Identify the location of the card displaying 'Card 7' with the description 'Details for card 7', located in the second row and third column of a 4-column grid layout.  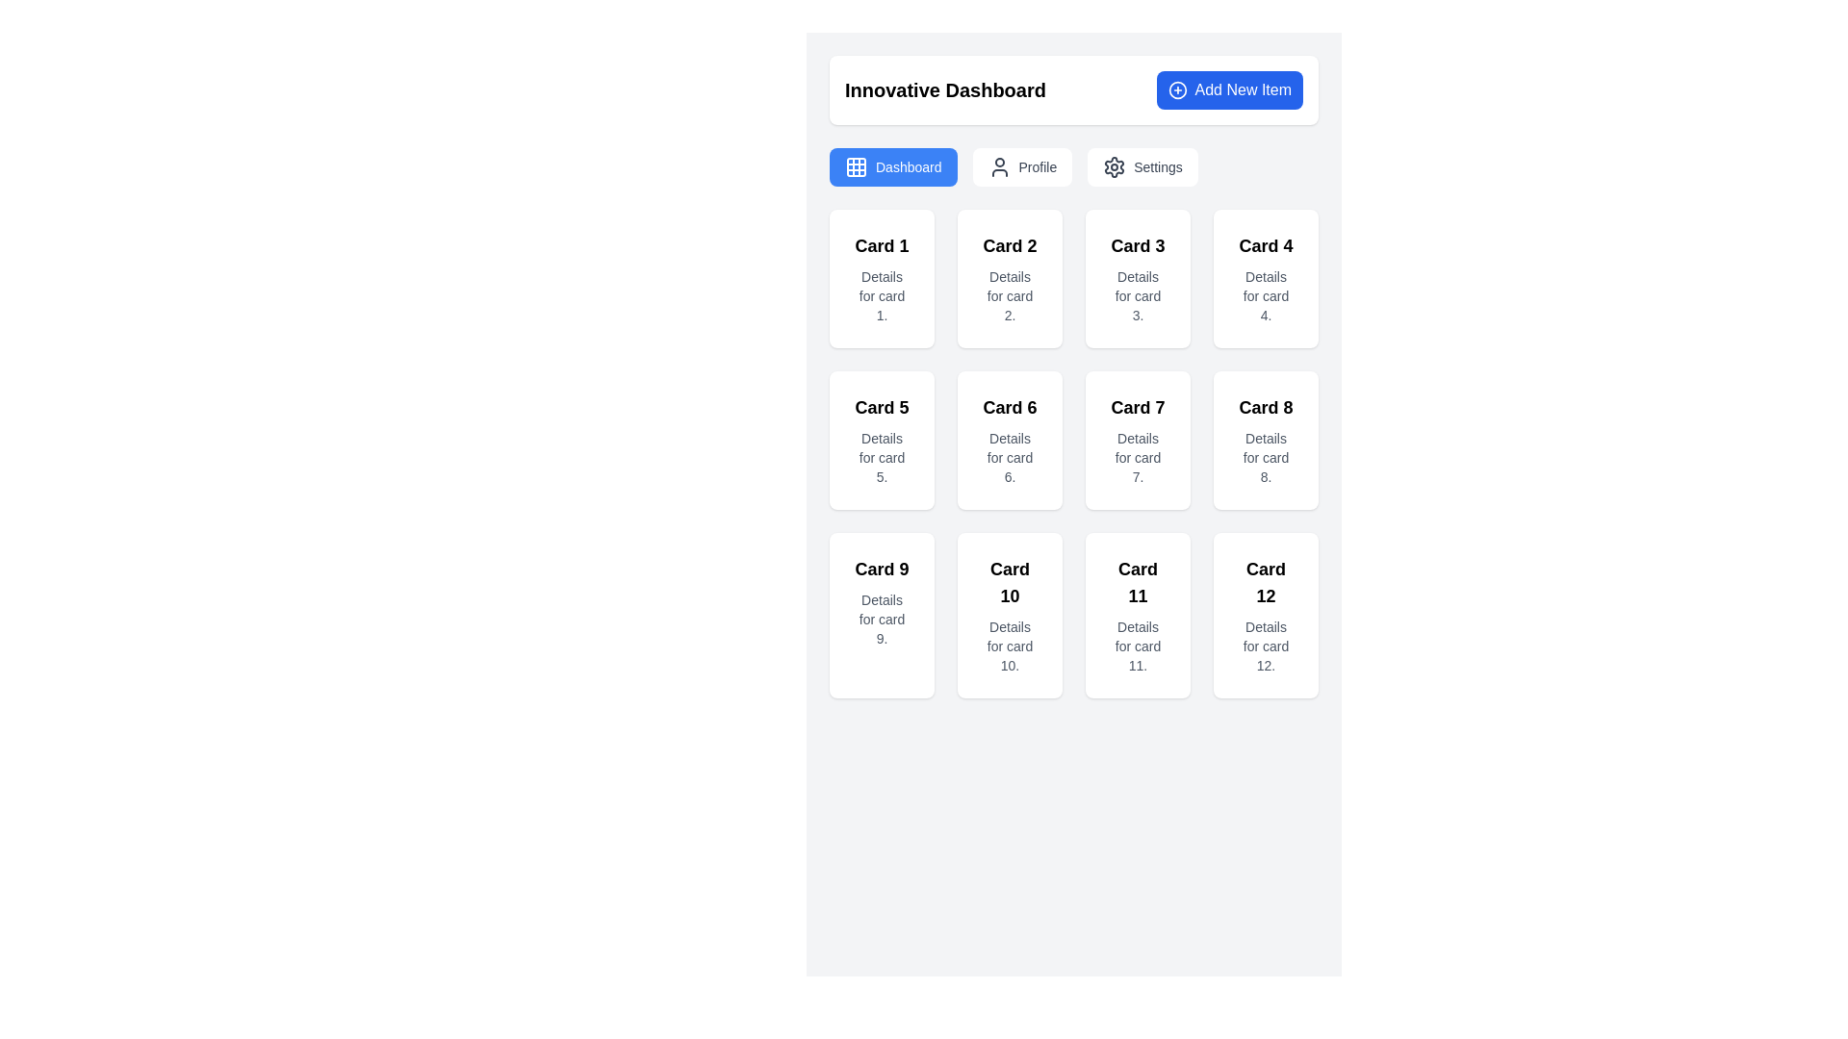
(1138, 441).